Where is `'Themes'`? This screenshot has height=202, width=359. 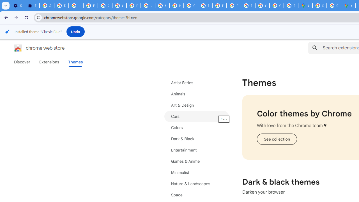 'Themes' is located at coordinates (75, 62).